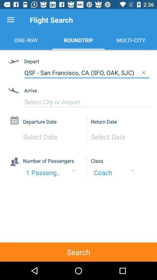 Image resolution: width=157 pixels, height=280 pixels. I want to click on the icon next to the flight search item, so click(10, 20).